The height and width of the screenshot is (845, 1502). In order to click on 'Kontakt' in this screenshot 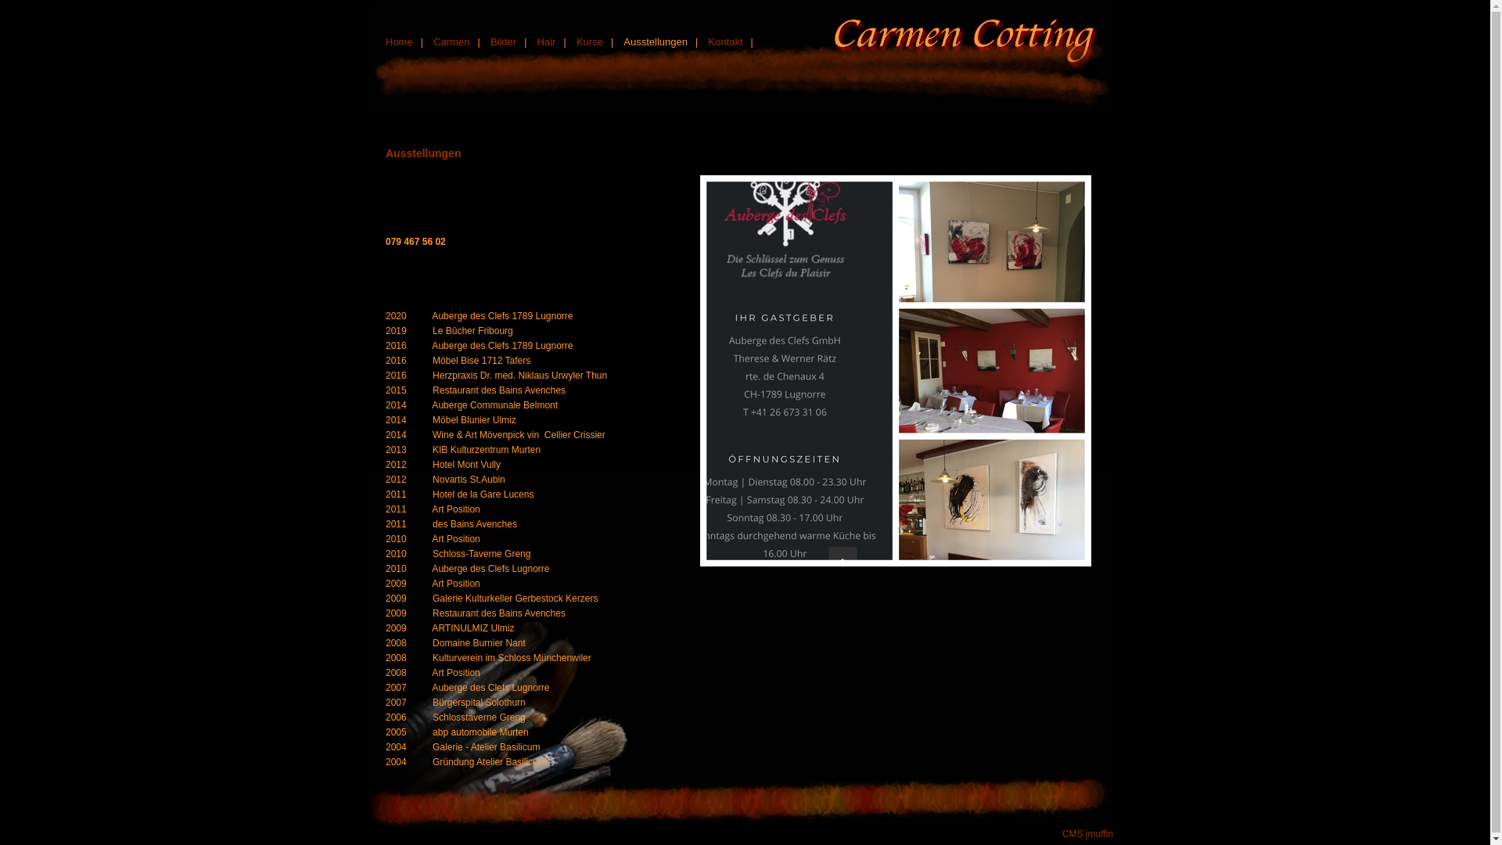, I will do `click(724, 41)`.